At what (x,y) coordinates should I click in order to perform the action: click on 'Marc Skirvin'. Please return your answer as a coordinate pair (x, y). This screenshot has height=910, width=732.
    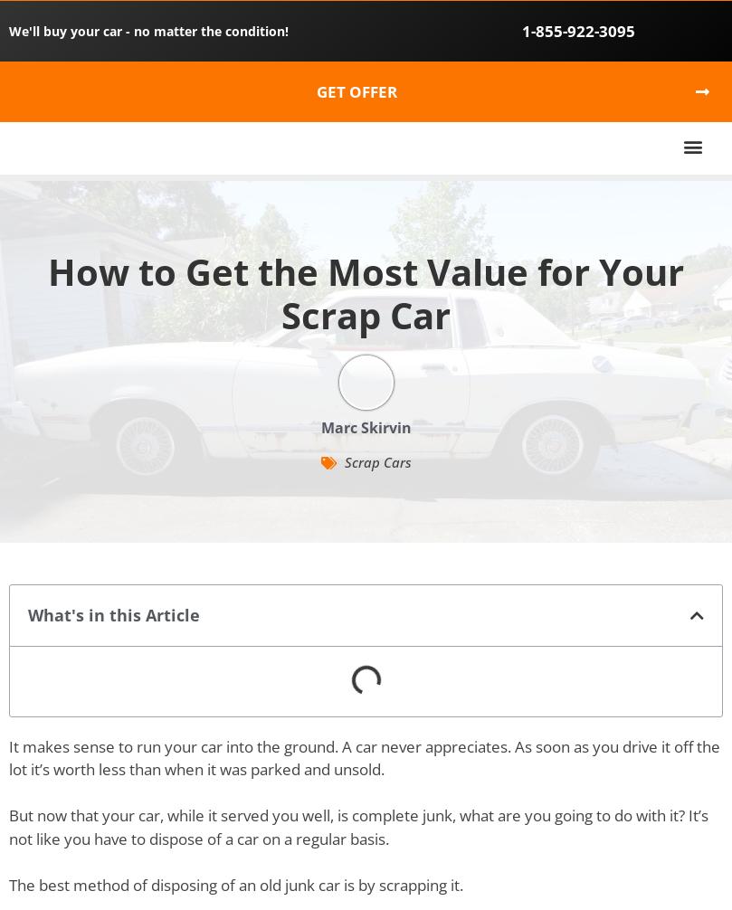
    Looking at the image, I should click on (320, 427).